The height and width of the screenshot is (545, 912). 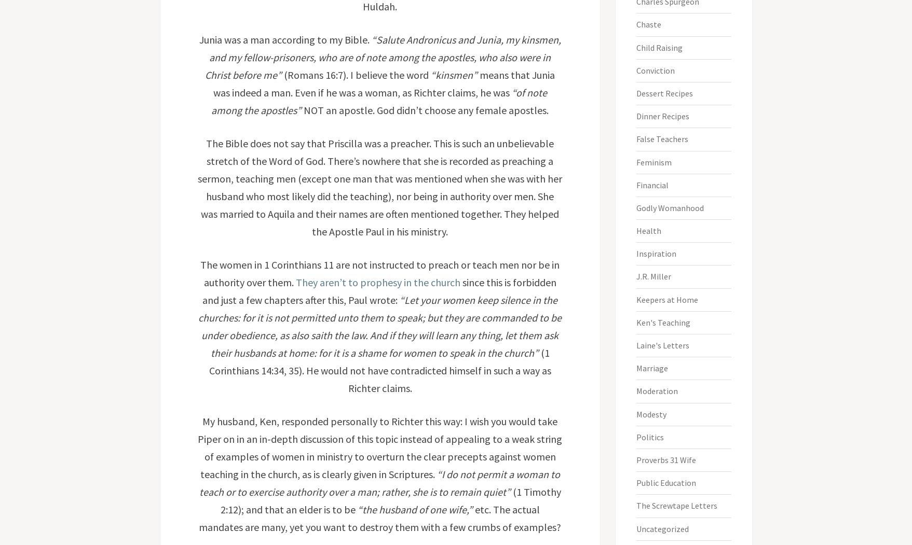 I want to click on 'They aren’t to prophesy in the church', so click(x=377, y=282).